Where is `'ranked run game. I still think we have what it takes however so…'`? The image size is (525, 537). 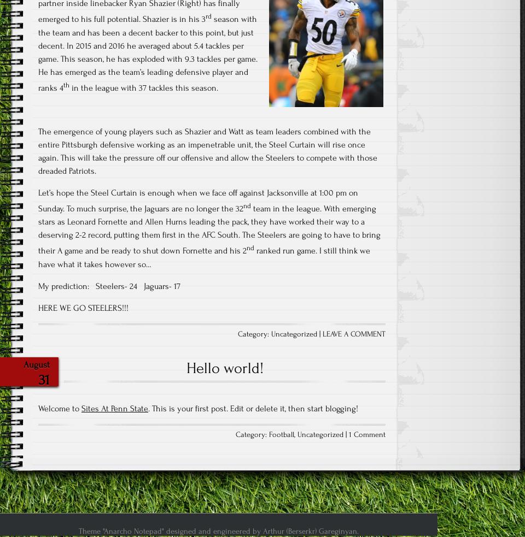 'ranked run game. I still think we have what it takes however so…' is located at coordinates (203, 256).